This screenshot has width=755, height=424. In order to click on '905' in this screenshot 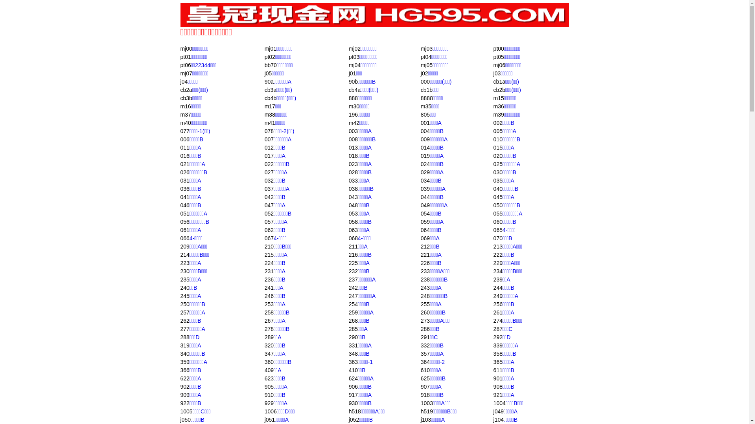, I will do `click(269, 386)`.